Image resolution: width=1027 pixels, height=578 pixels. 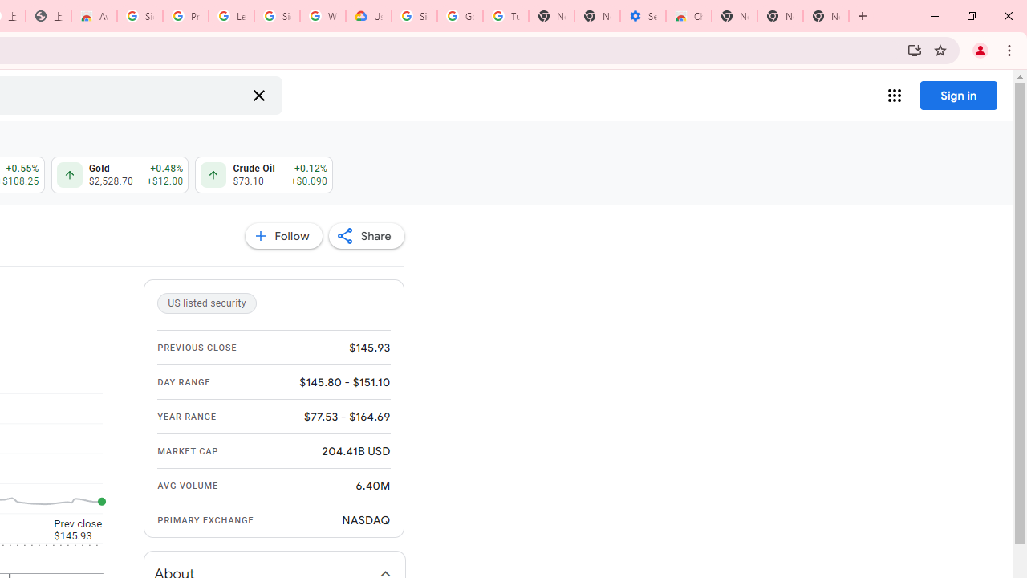 I want to click on 'Chrome Web Store - Accessibility extensions', so click(x=688, y=16).